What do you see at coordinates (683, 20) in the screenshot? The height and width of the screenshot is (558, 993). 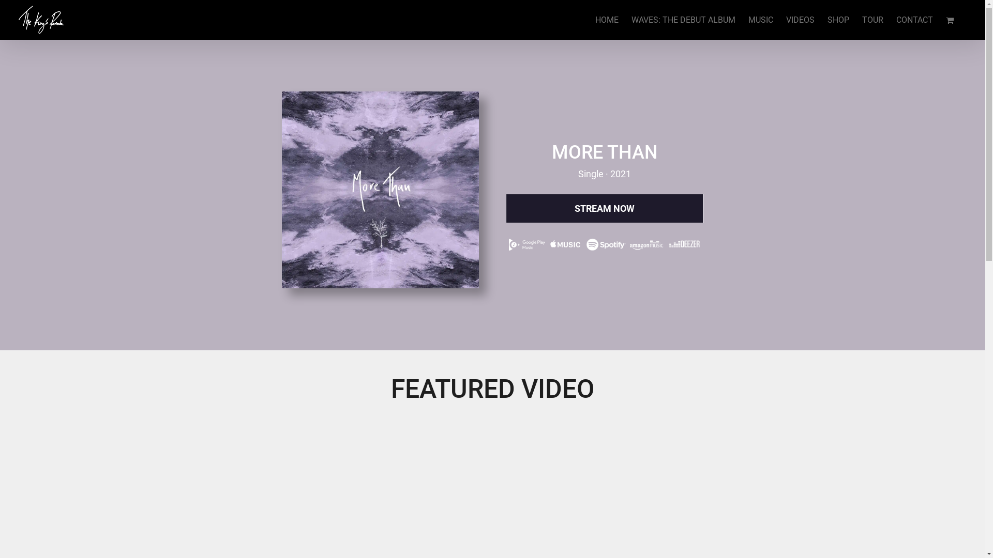 I see `'WAVES: THE DEBUT ALBUM'` at bounding box center [683, 20].